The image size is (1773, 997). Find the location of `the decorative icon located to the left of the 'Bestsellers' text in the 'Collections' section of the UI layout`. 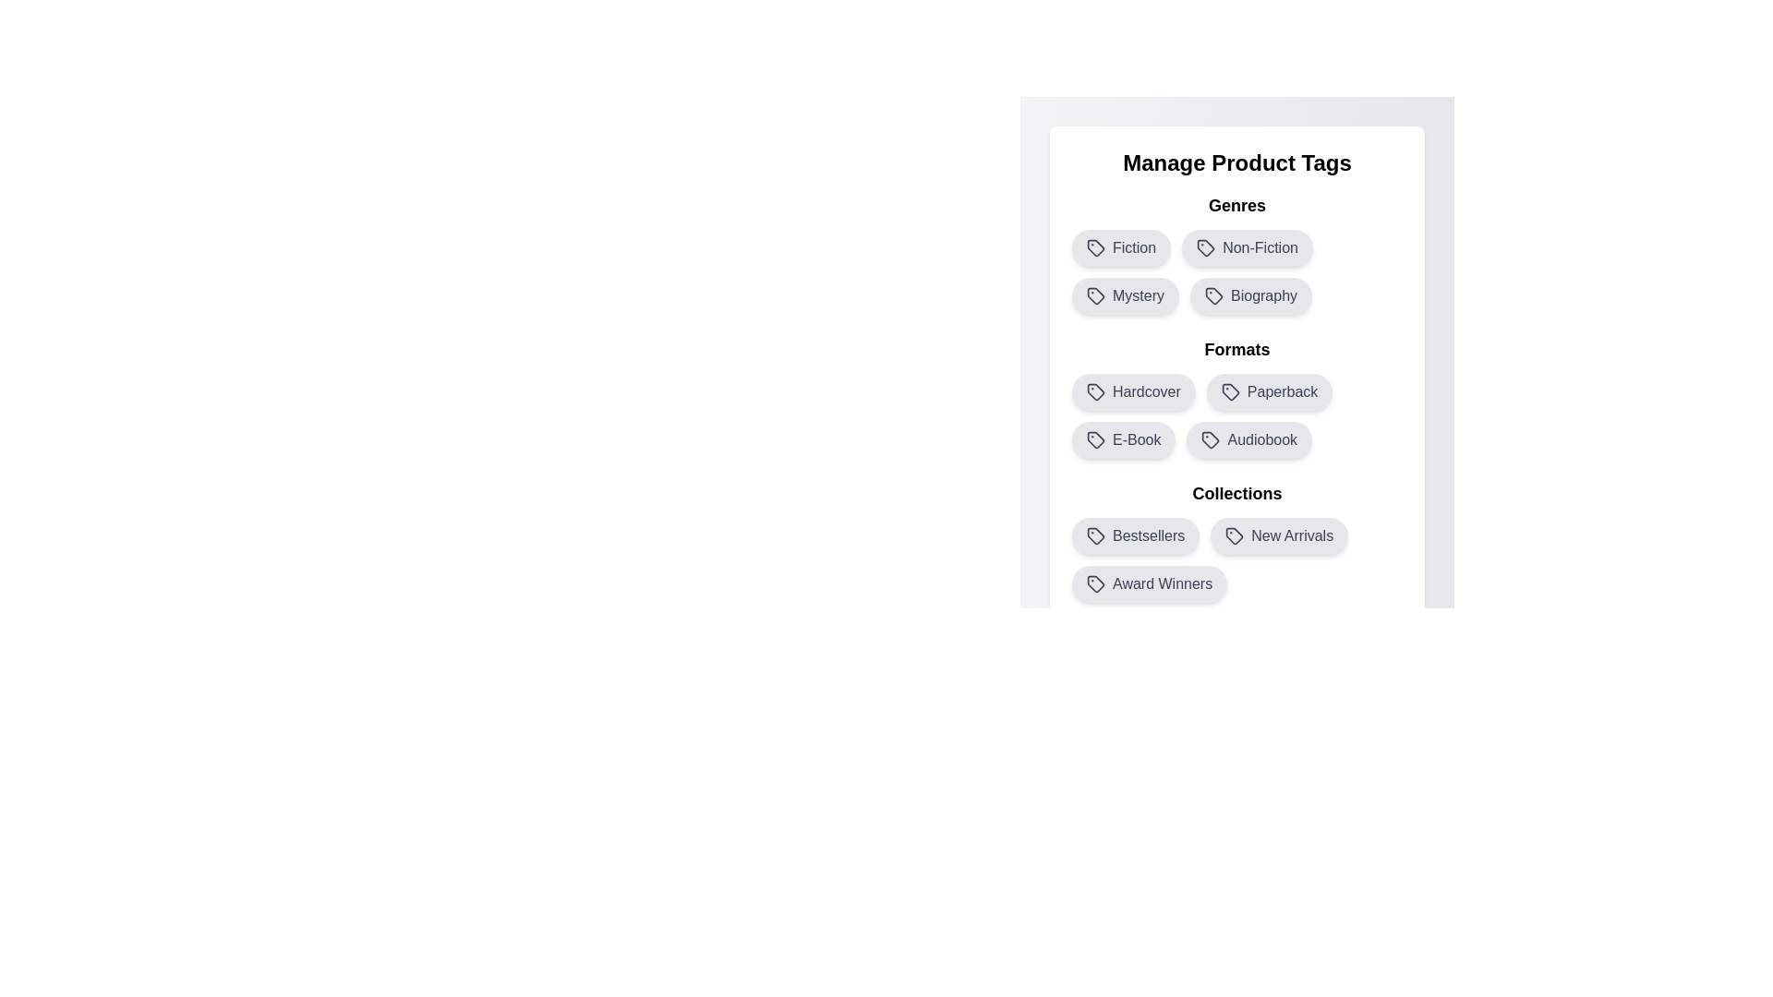

the decorative icon located to the left of the 'Bestsellers' text in the 'Collections' section of the UI layout is located at coordinates (1095, 536).